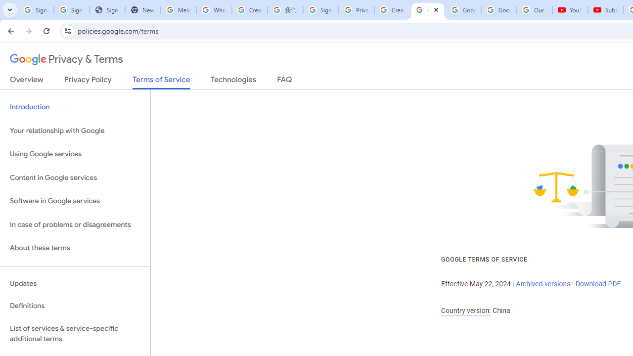 Image resolution: width=633 pixels, height=356 pixels. I want to click on 'Definitions', so click(75, 306).